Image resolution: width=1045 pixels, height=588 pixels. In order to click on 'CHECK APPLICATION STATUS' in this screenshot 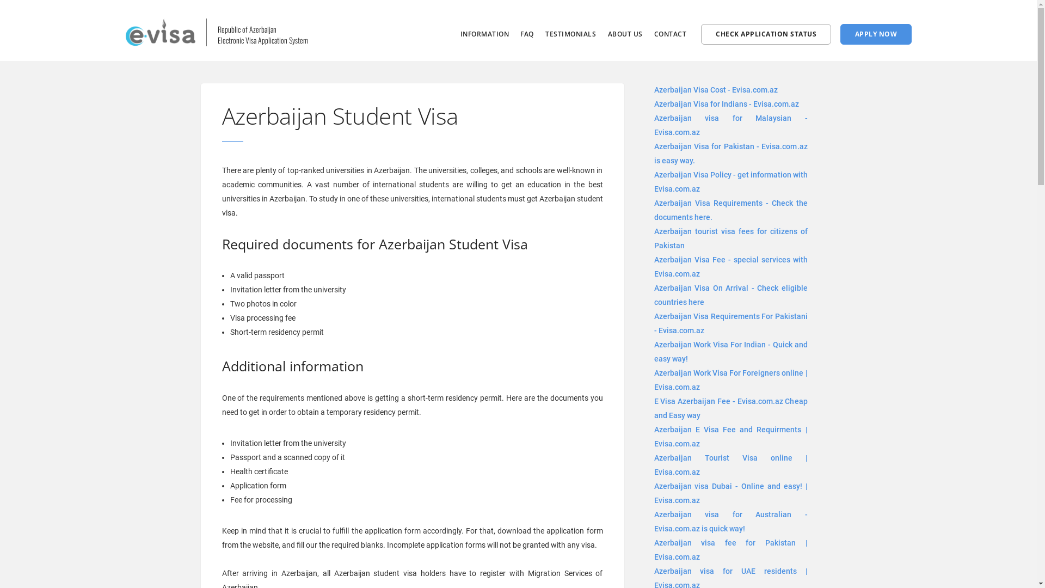, I will do `click(765, 33)`.